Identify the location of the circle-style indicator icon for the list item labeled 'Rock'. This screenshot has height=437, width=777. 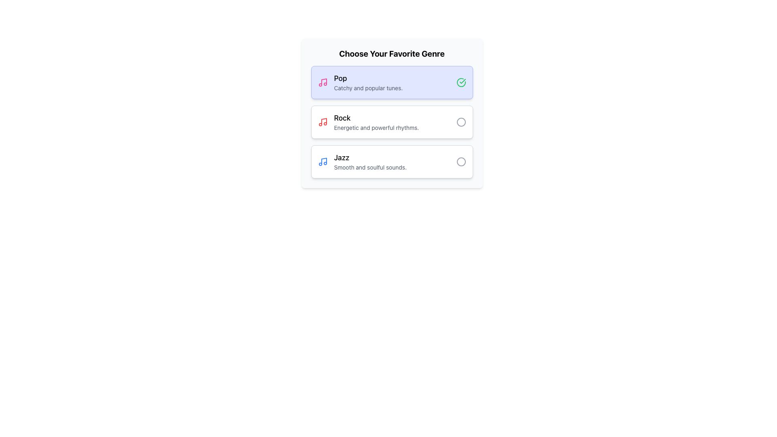
(461, 122).